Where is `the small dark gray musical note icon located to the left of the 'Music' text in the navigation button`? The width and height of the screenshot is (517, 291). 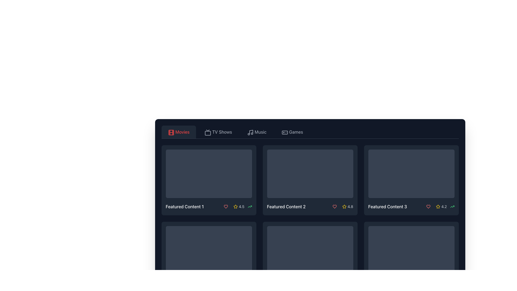 the small dark gray musical note icon located to the left of the 'Music' text in the navigation button is located at coordinates (249, 132).